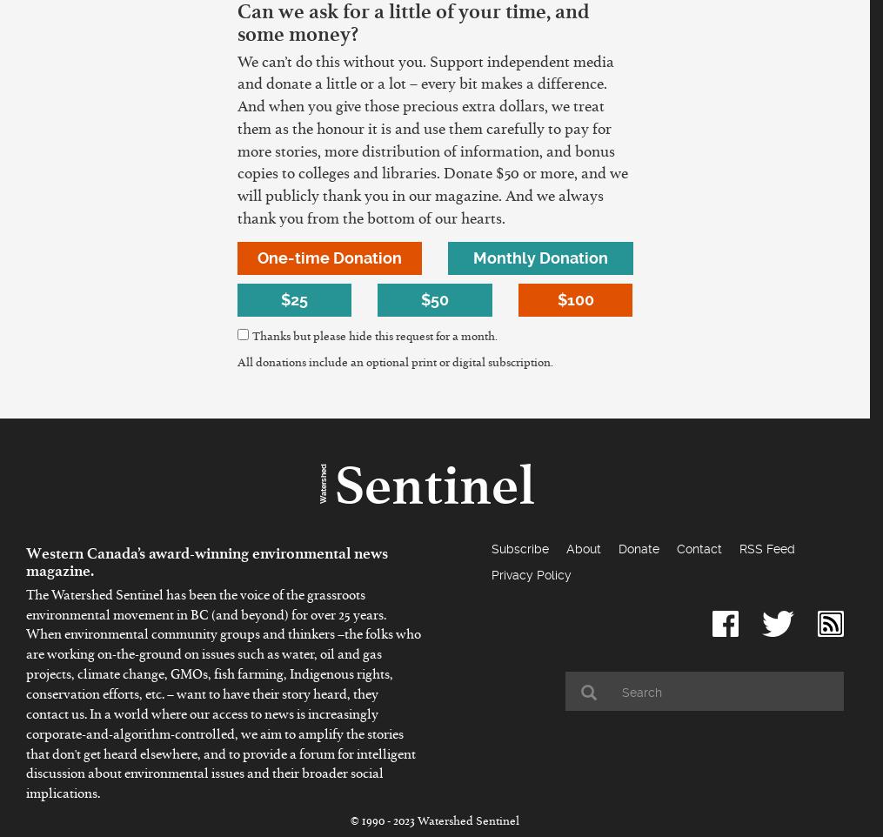  Describe the element at coordinates (675, 548) in the screenshot. I see `'Contact'` at that location.